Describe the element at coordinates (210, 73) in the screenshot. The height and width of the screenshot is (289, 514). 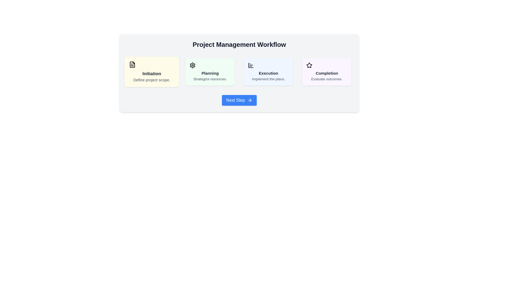
I see `the static text label displaying 'Planning', which is bold and dark gray on a light green background, located in the center of the interface` at that location.